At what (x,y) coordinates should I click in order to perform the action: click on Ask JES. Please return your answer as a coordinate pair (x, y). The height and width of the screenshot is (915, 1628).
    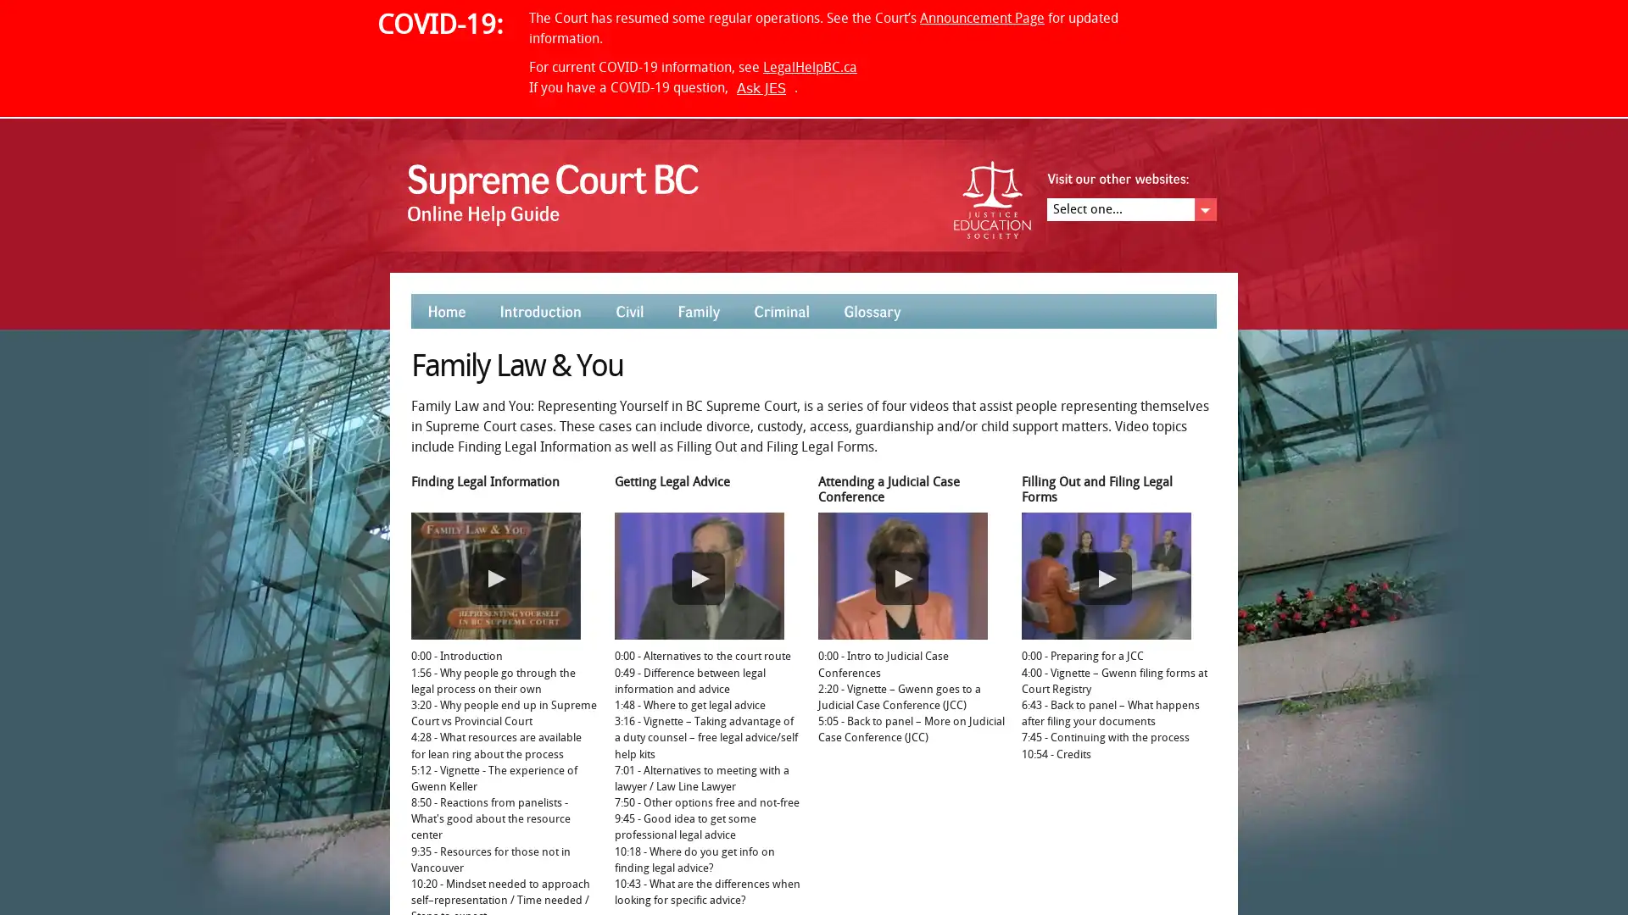
    Looking at the image, I should click on (760, 88).